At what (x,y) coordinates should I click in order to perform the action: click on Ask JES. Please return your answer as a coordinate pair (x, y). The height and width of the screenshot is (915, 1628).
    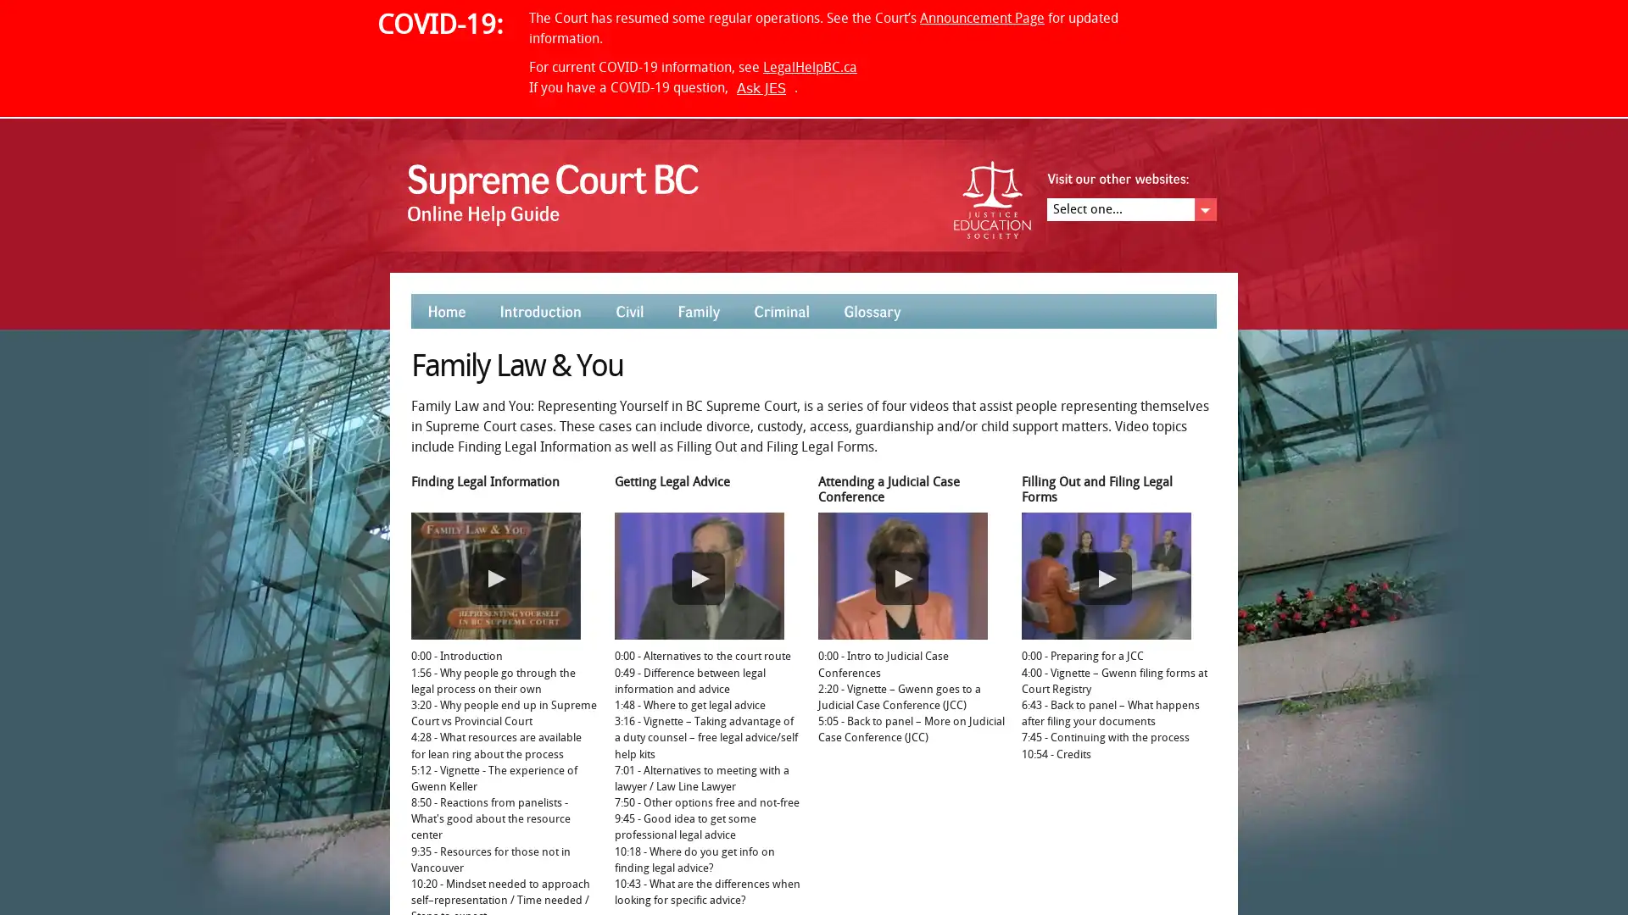
    Looking at the image, I should click on (760, 88).